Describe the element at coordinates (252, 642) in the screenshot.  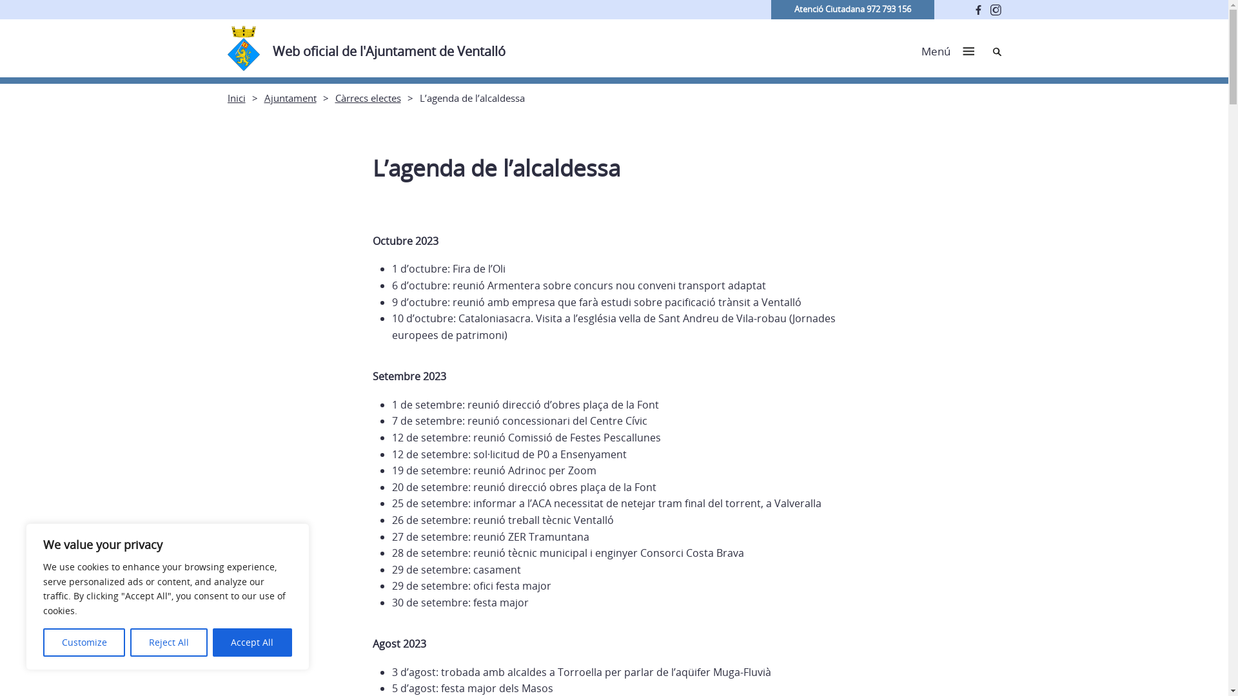
I see `'Accept All'` at that location.